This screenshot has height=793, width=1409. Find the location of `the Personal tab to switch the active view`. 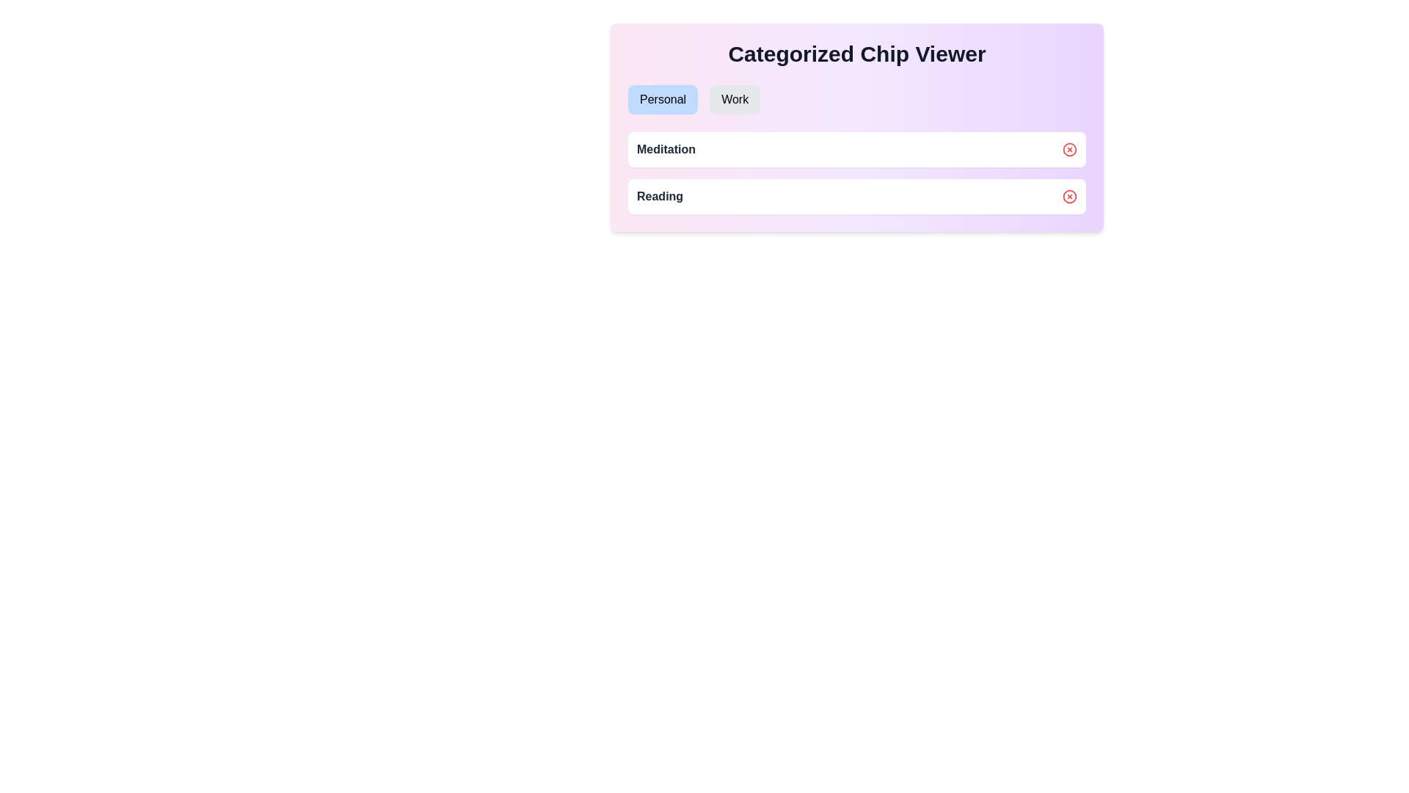

the Personal tab to switch the active view is located at coordinates (662, 99).